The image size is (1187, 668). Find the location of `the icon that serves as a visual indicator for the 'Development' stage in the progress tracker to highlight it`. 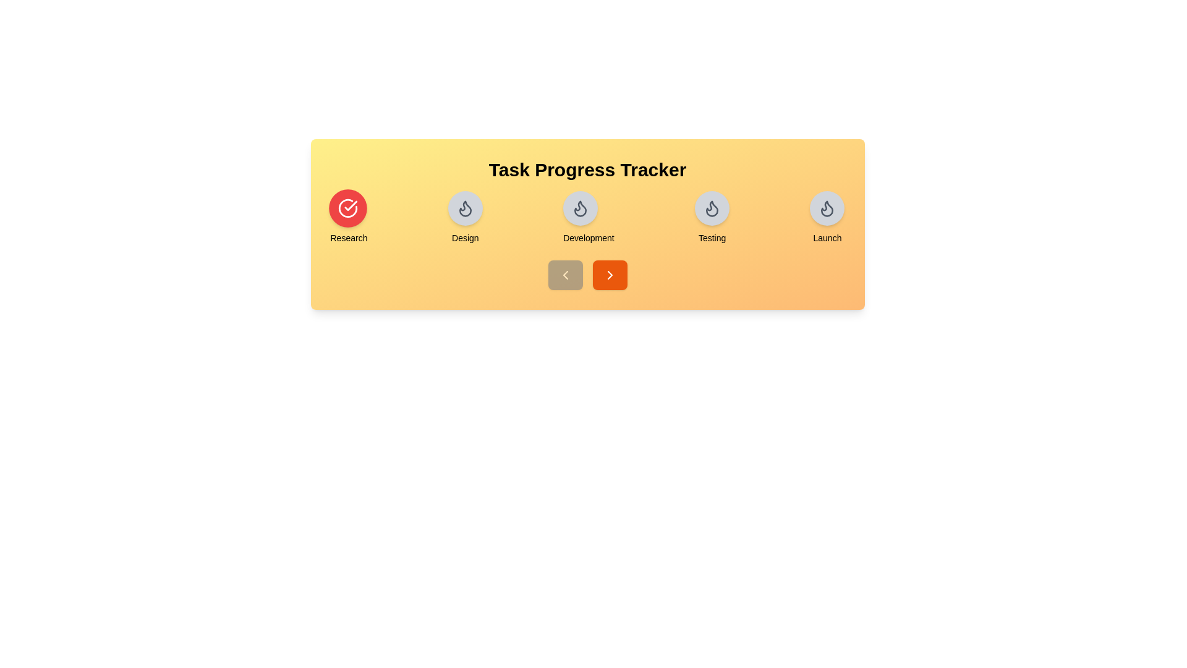

the icon that serves as a visual indicator for the 'Development' stage in the progress tracker to highlight it is located at coordinates (580, 207).